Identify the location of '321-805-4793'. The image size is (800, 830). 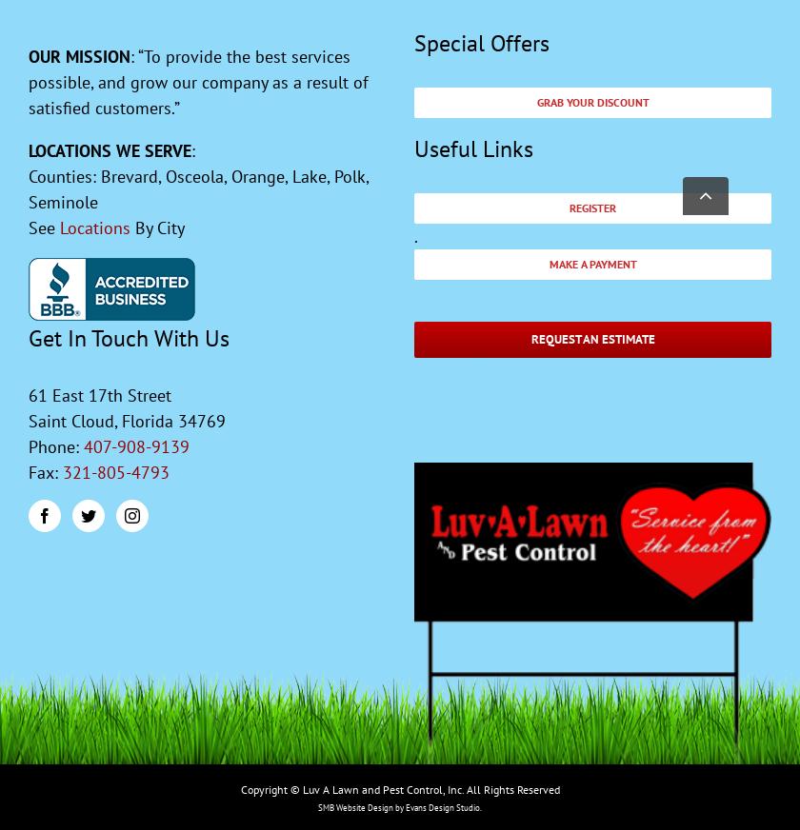
(114, 471).